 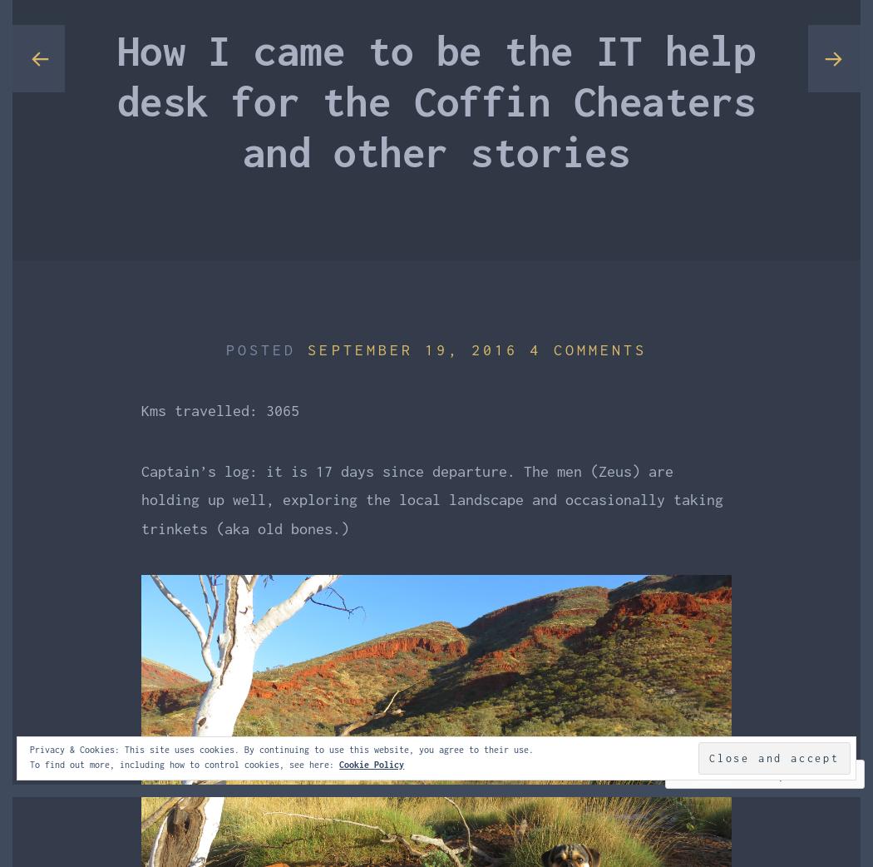 I want to click on 'To find out more, including how to control cookies, see here:', so click(x=183, y=763).